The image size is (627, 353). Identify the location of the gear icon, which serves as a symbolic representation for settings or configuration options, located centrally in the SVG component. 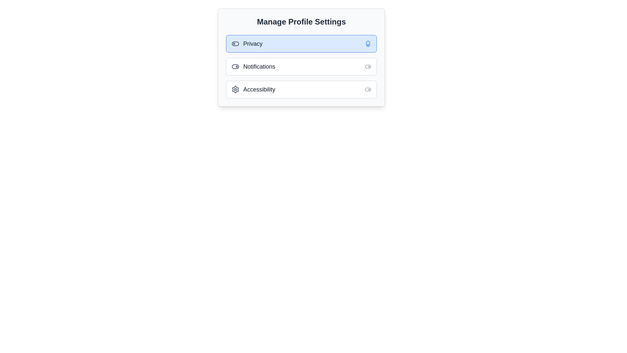
(235, 89).